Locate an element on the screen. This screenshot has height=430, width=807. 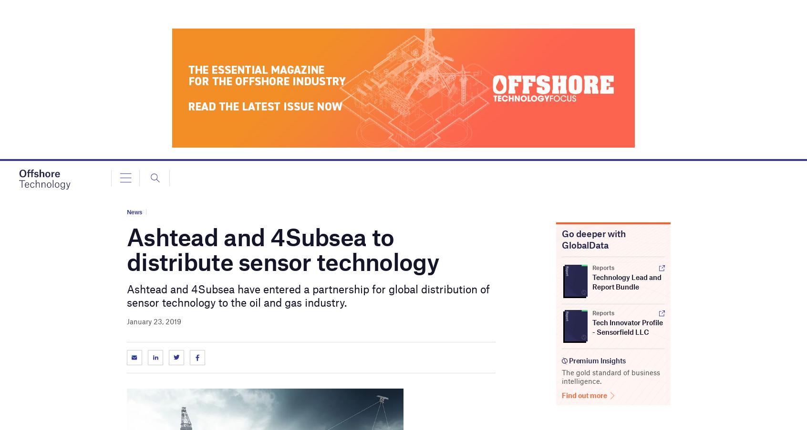
'Company Releases' is located at coordinates (57, 114).